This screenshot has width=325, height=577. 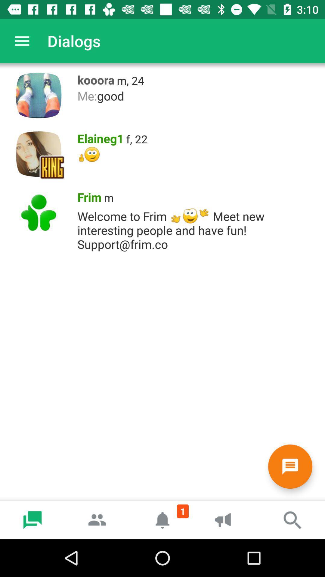 What do you see at coordinates (137, 139) in the screenshot?
I see `item next to the elaineg1 icon` at bounding box center [137, 139].